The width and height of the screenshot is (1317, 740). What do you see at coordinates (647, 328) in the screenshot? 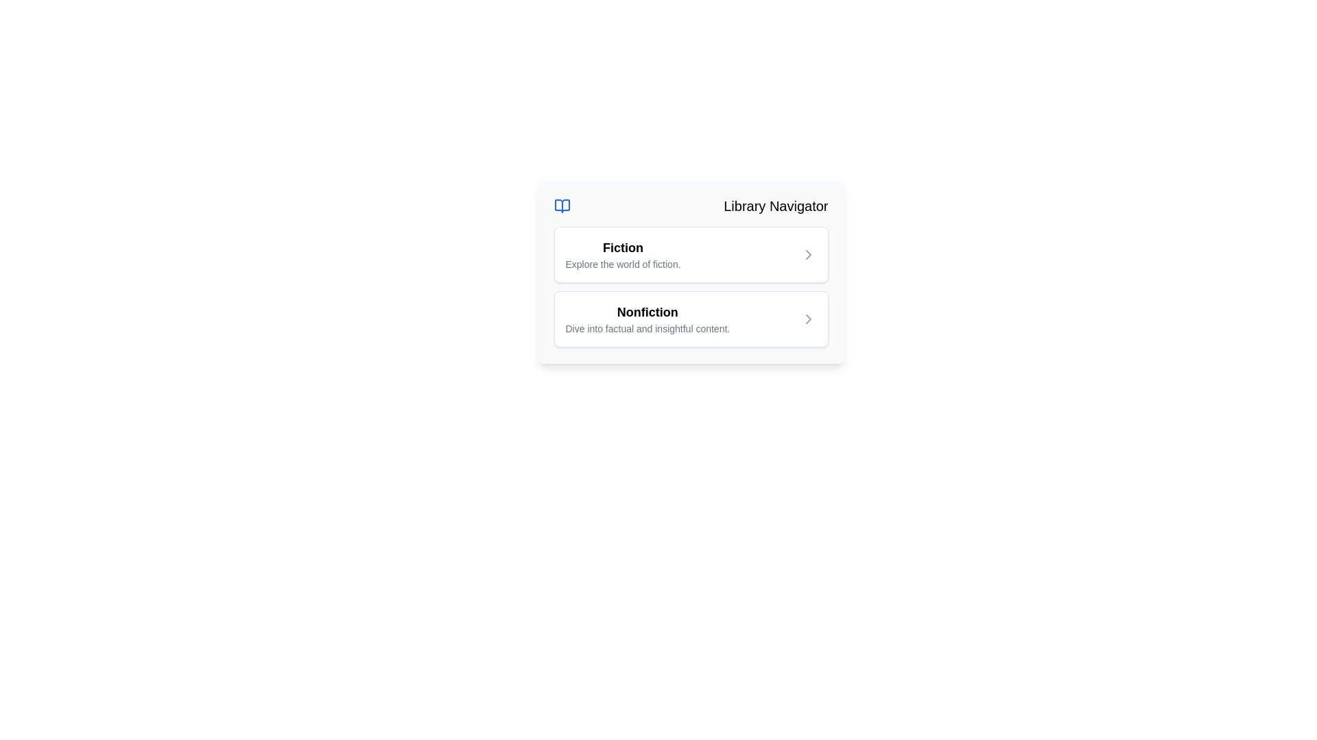
I see `the descriptive text label located in the 'Nonfiction' section, which provides information about the content type` at bounding box center [647, 328].